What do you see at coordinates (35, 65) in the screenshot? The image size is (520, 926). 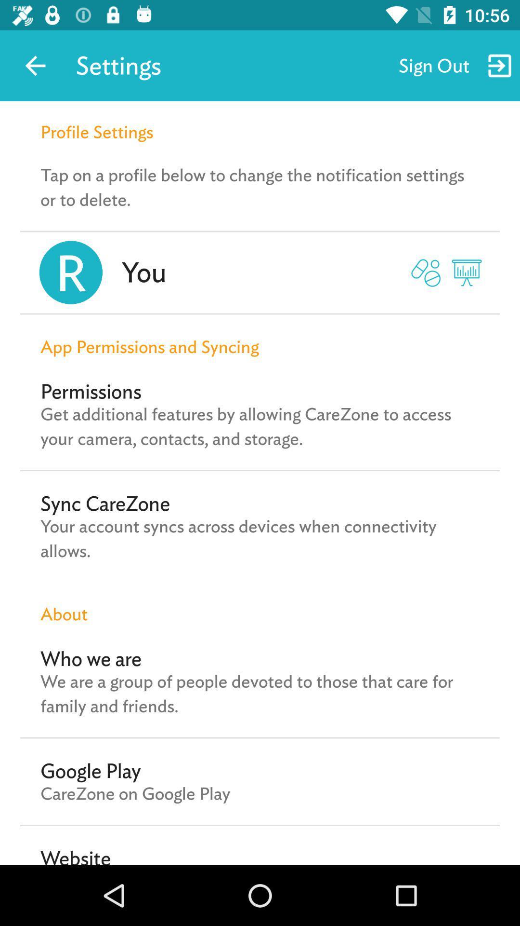 I see `the app to the left of settings icon` at bounding box center [35, 65].